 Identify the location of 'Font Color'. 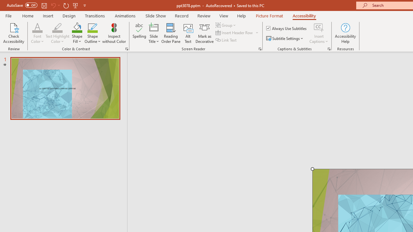
(37, 27).